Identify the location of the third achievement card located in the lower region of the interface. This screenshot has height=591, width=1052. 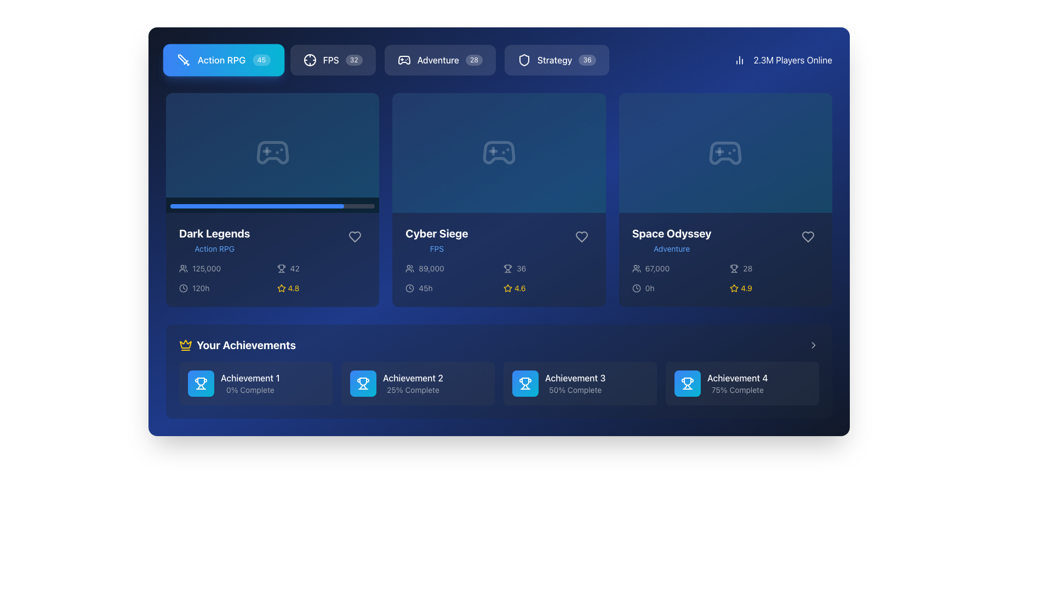
(580, 383).